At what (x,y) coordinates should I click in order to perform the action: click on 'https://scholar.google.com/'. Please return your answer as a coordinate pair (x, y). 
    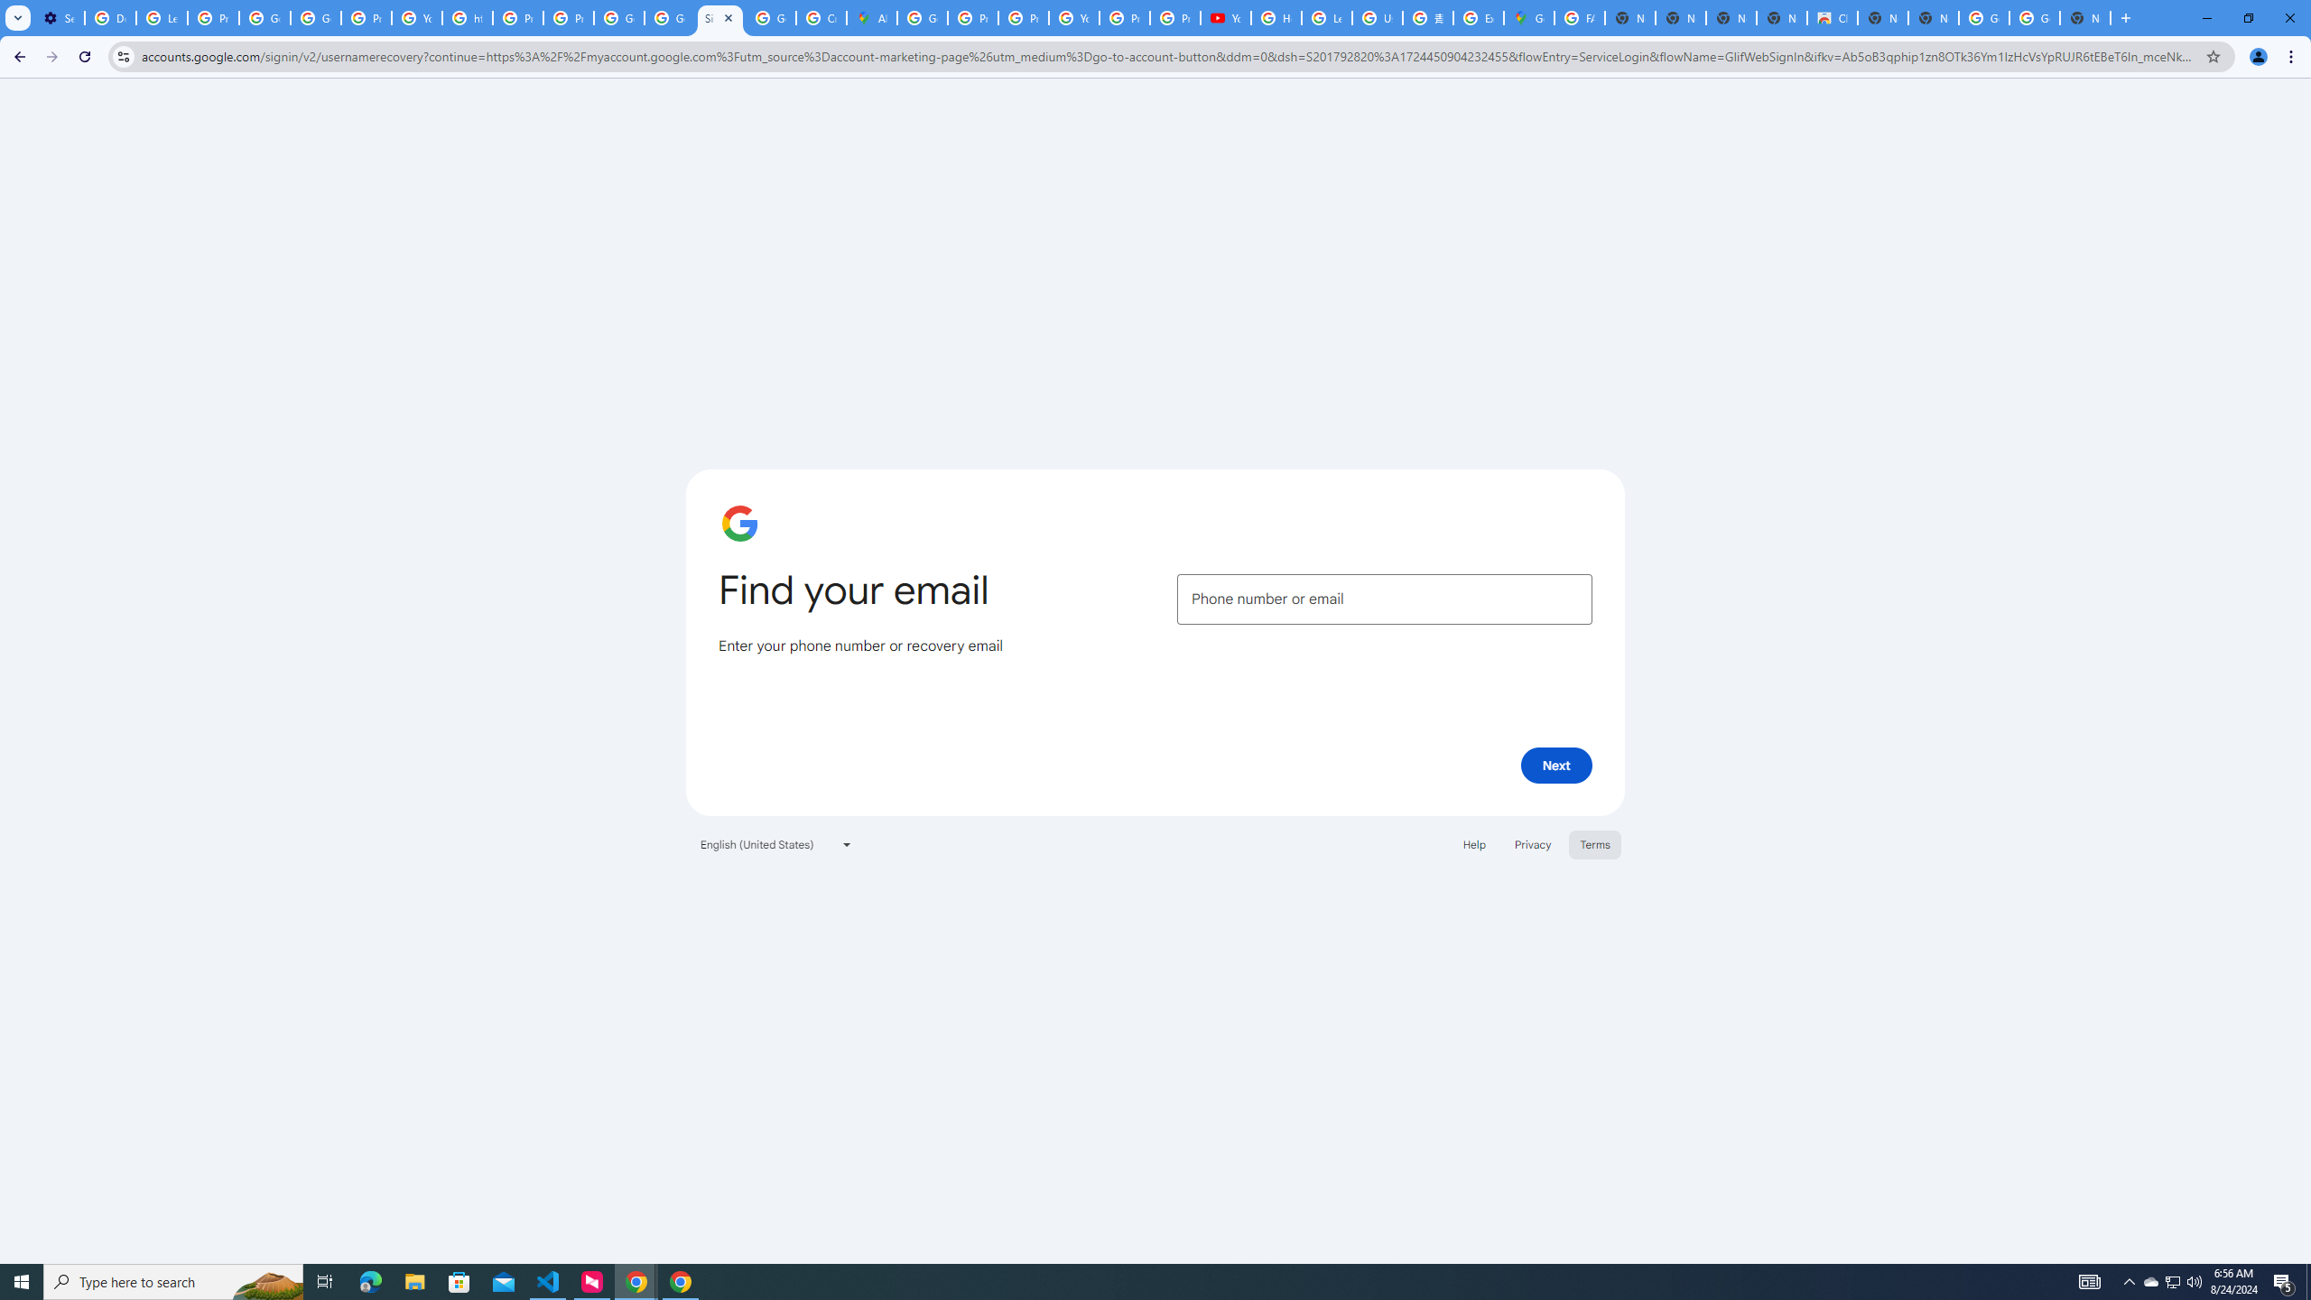
    Looking at the image, I should click on (467, 17).